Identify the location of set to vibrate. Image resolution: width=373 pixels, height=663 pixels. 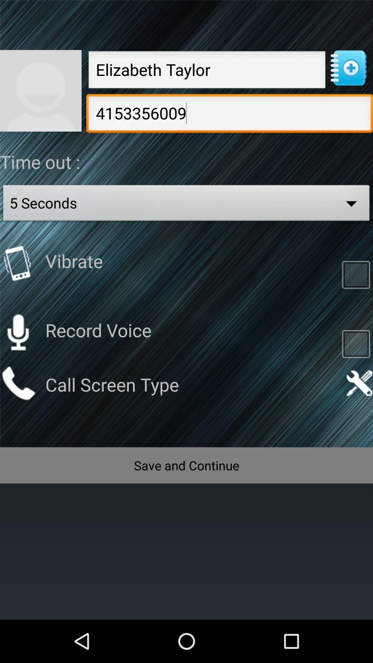
(18, 263).